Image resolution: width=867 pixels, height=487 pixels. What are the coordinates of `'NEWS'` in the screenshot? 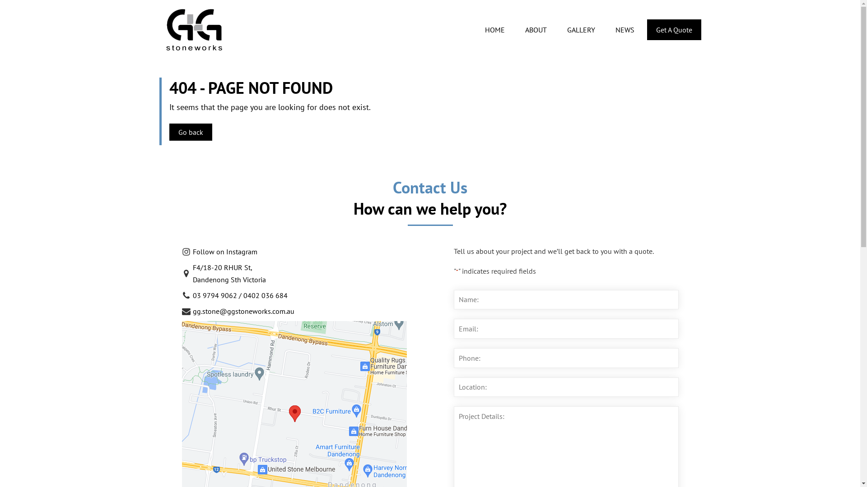 It's located at (605, 29).